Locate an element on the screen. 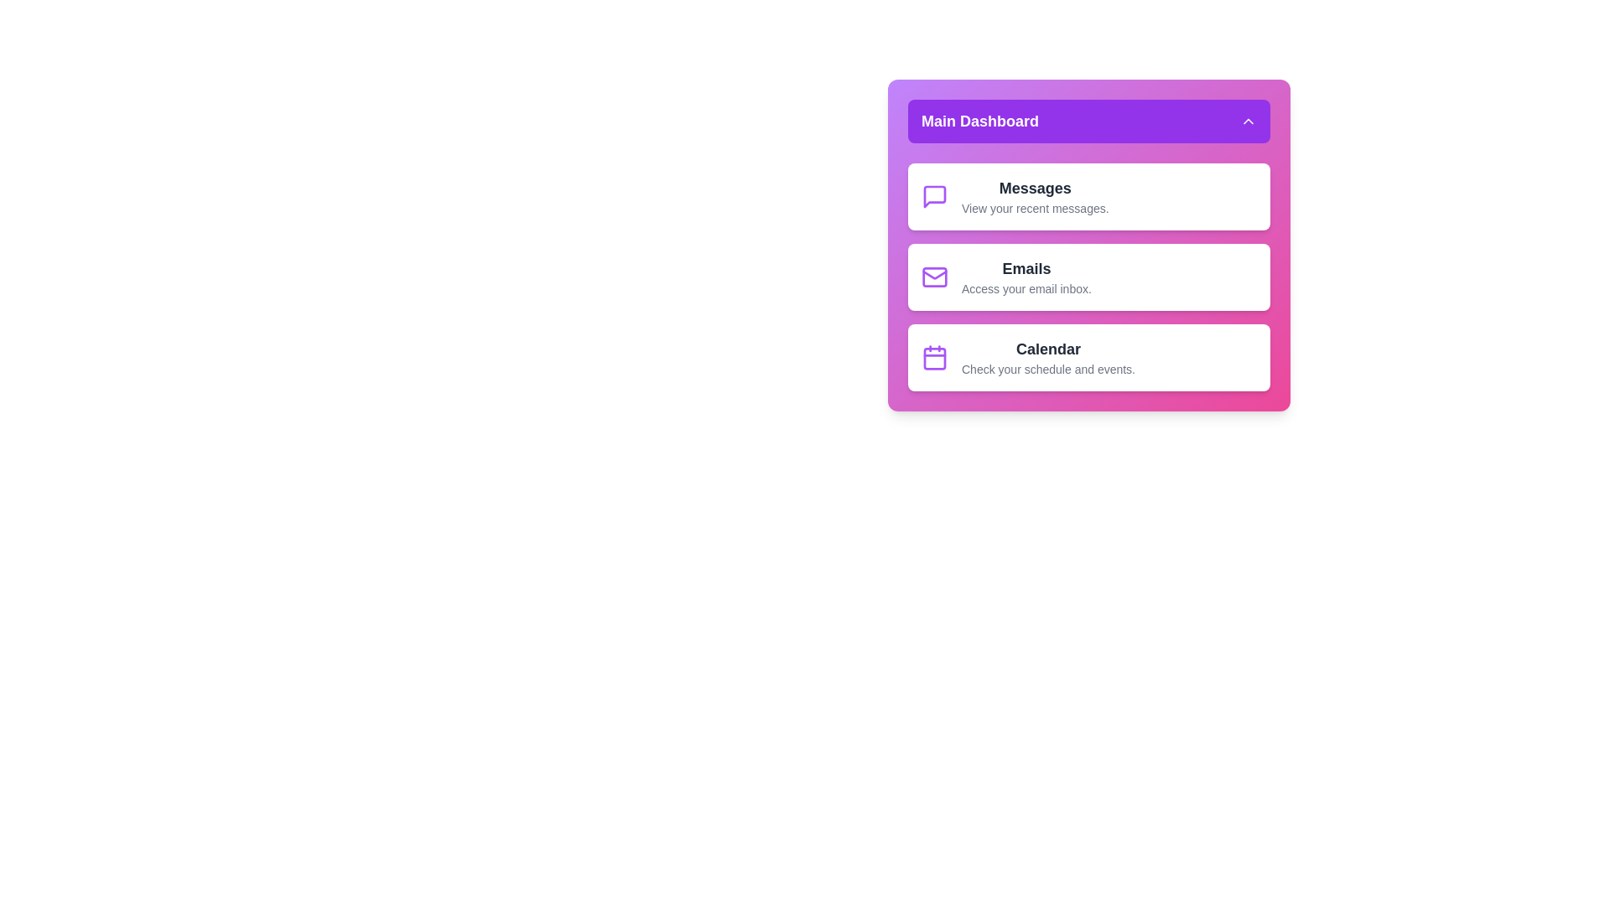 The image size is (1610, 905). the menu item Messages from the displayed menu is located at coordinates (1089, 196).